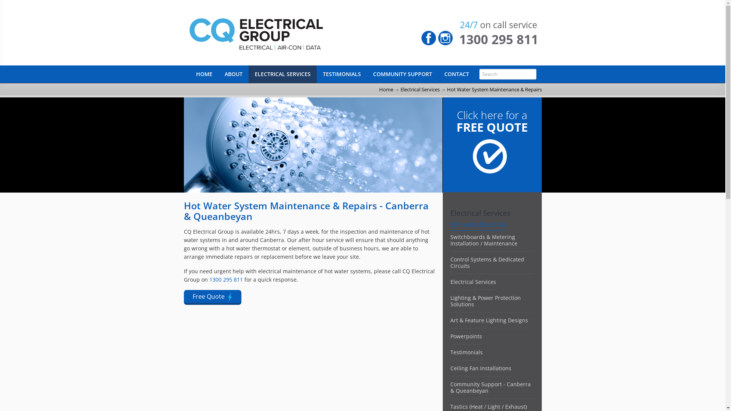 The height and width of the screenshot is (411, 731). I want to click on 'Click here for a, so click(492, 158).